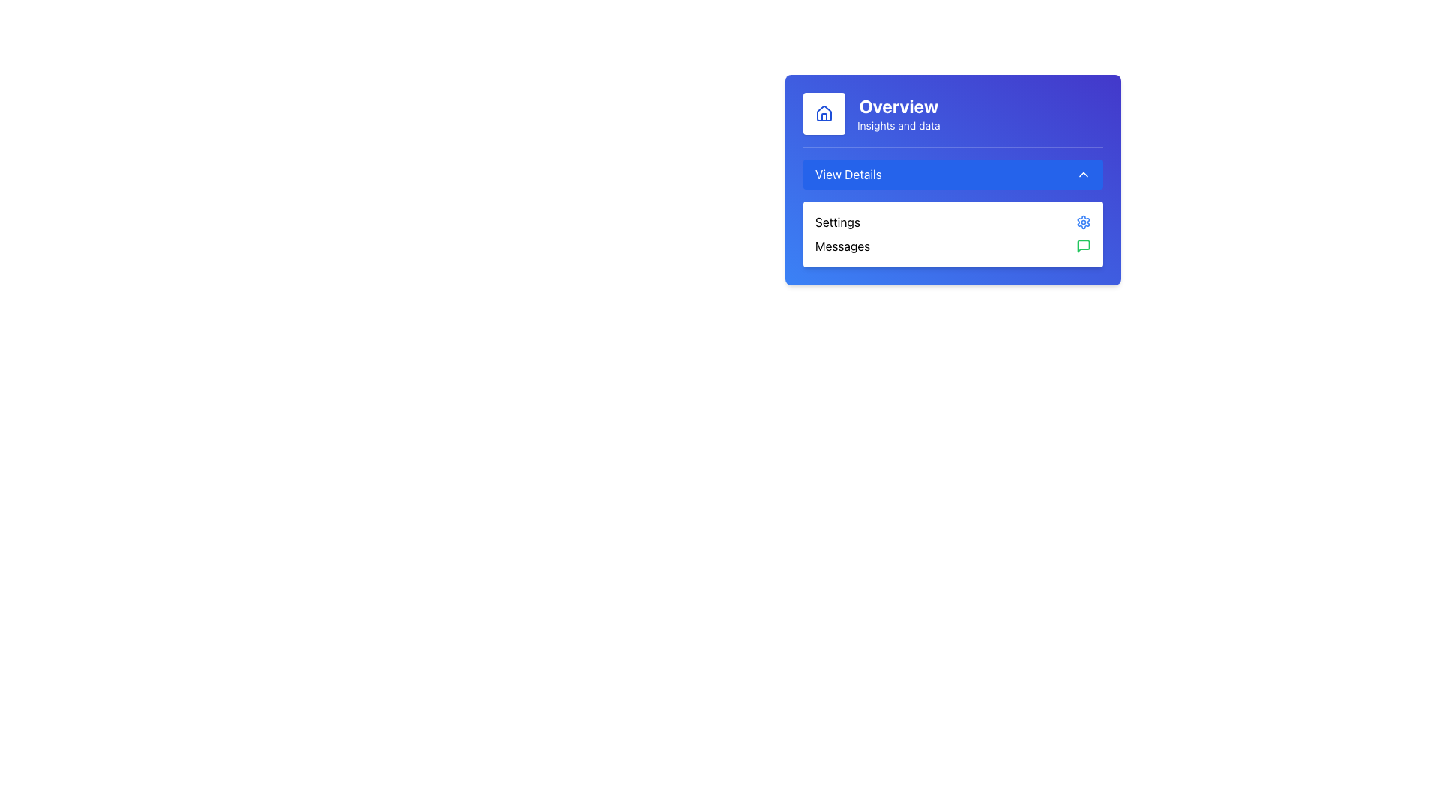  Describe the element at coordinates (823, 112) in the screenshot. I see `the minimalistic blue house icon located to the left of the 'Overview' title, which is situated within a white square background on the upper right side of the interface` at that location.